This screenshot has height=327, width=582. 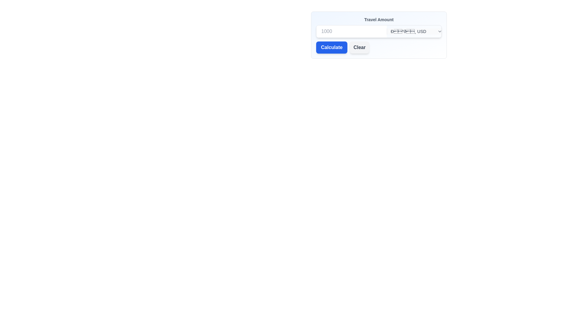 I want to click on the currency selection dropdown menu located, so click(x=378, y=35).